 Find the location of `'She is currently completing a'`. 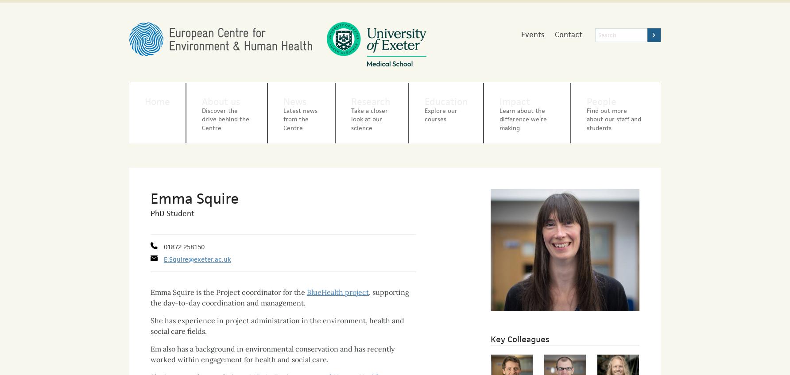

'She is currently completing a' is located at coordinates (200, 369).